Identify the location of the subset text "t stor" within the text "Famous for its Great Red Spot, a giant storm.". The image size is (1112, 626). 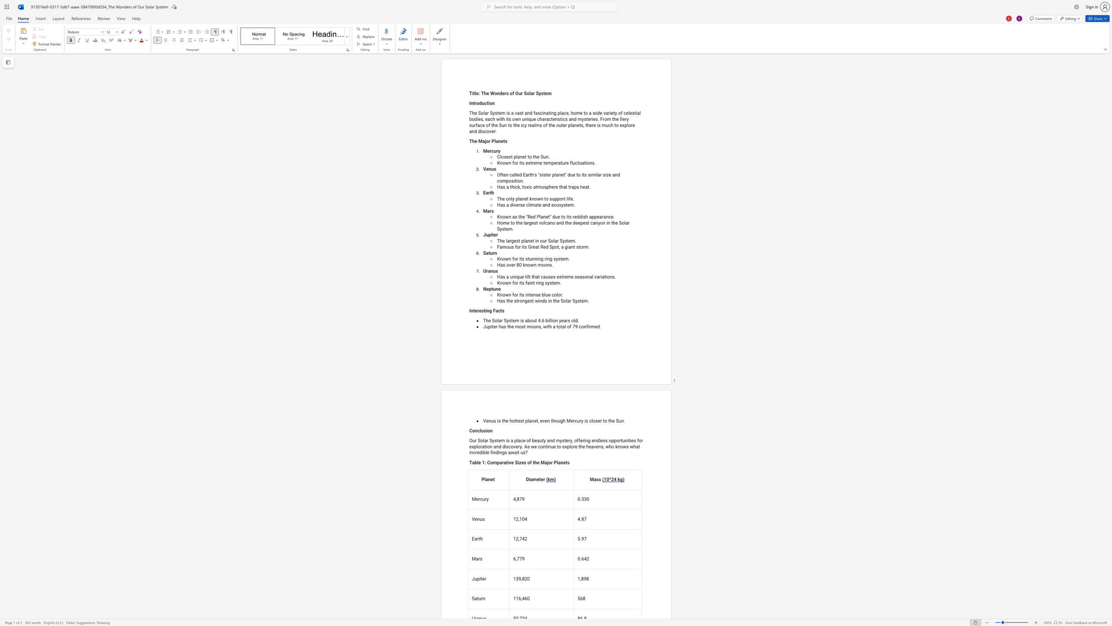
(573, 247).